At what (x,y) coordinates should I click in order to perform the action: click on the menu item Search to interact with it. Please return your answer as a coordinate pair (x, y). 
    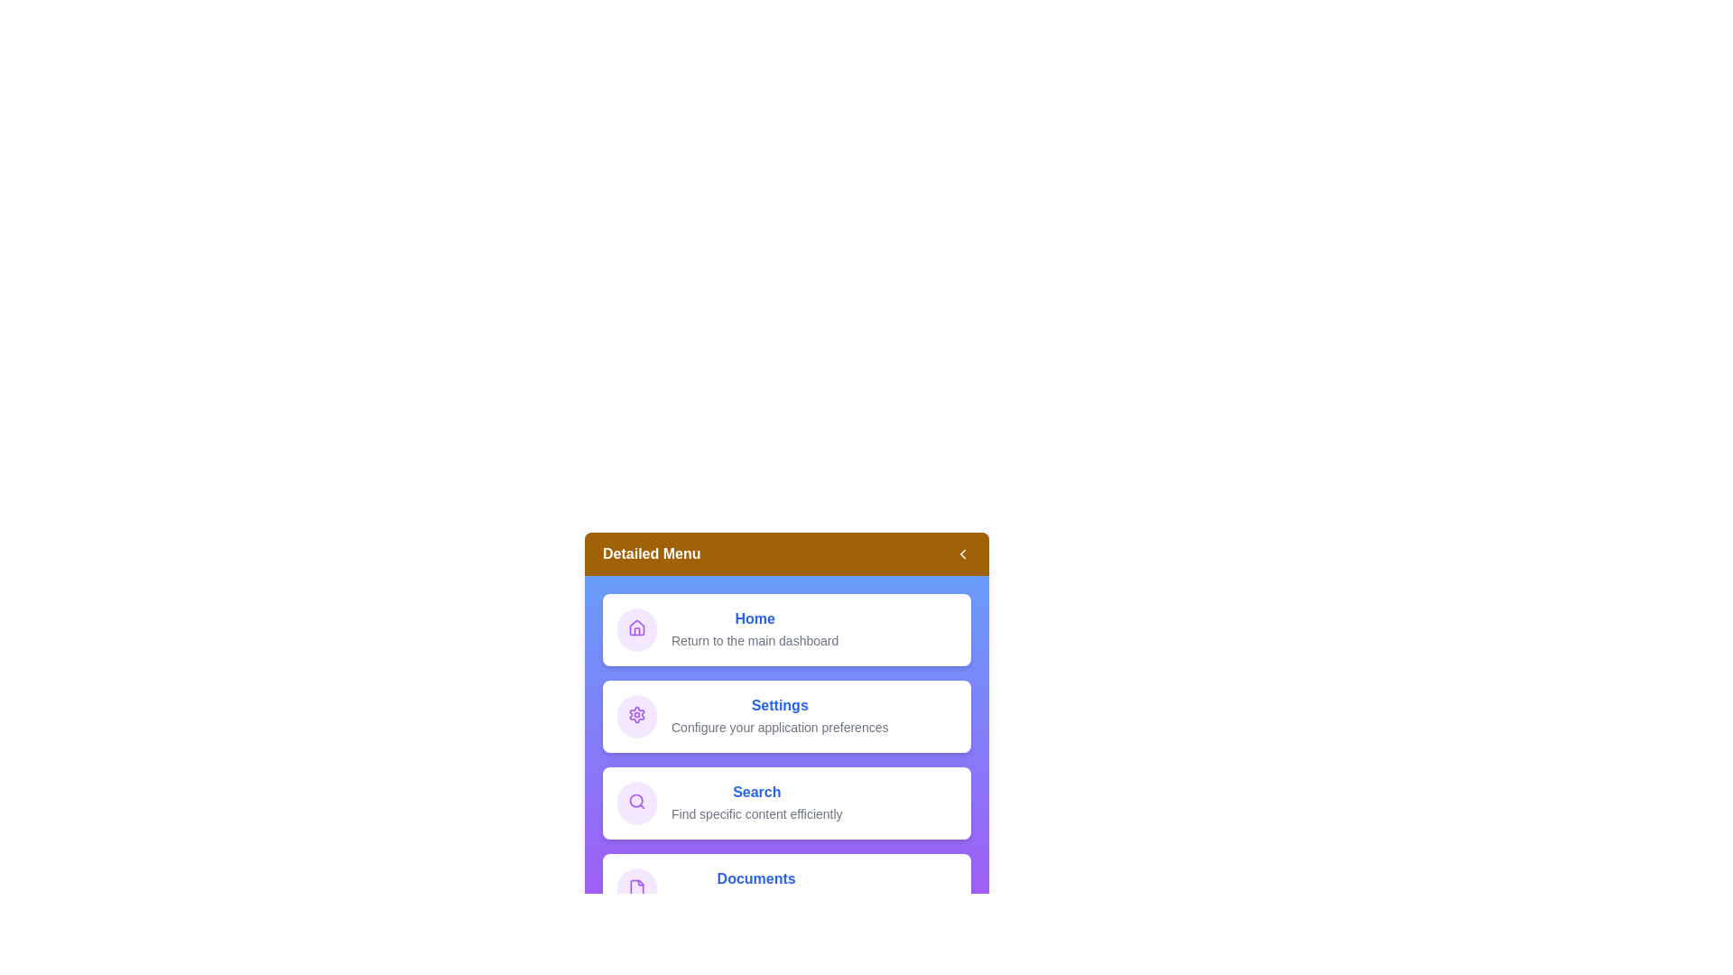
    Looking at the image, I should click on (787, 803).